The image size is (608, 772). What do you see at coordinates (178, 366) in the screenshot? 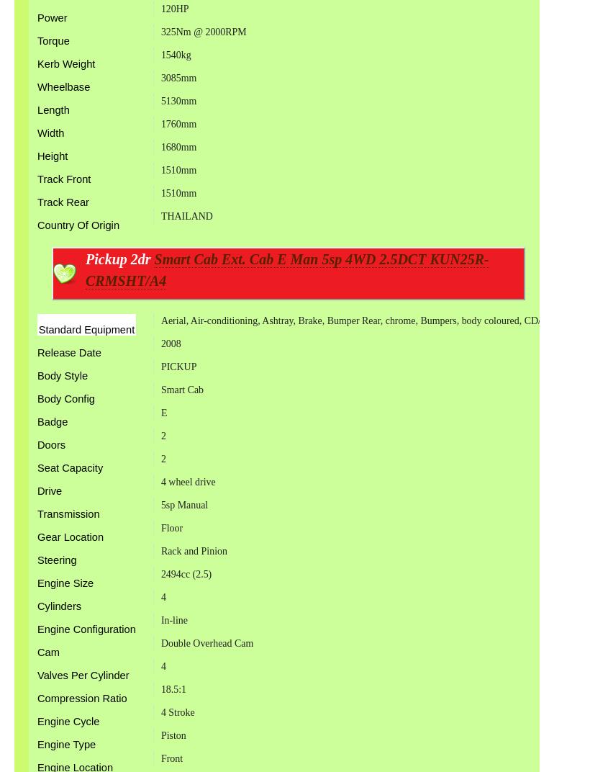
I see `'PICKUP'` at bounding box center [178, 366].